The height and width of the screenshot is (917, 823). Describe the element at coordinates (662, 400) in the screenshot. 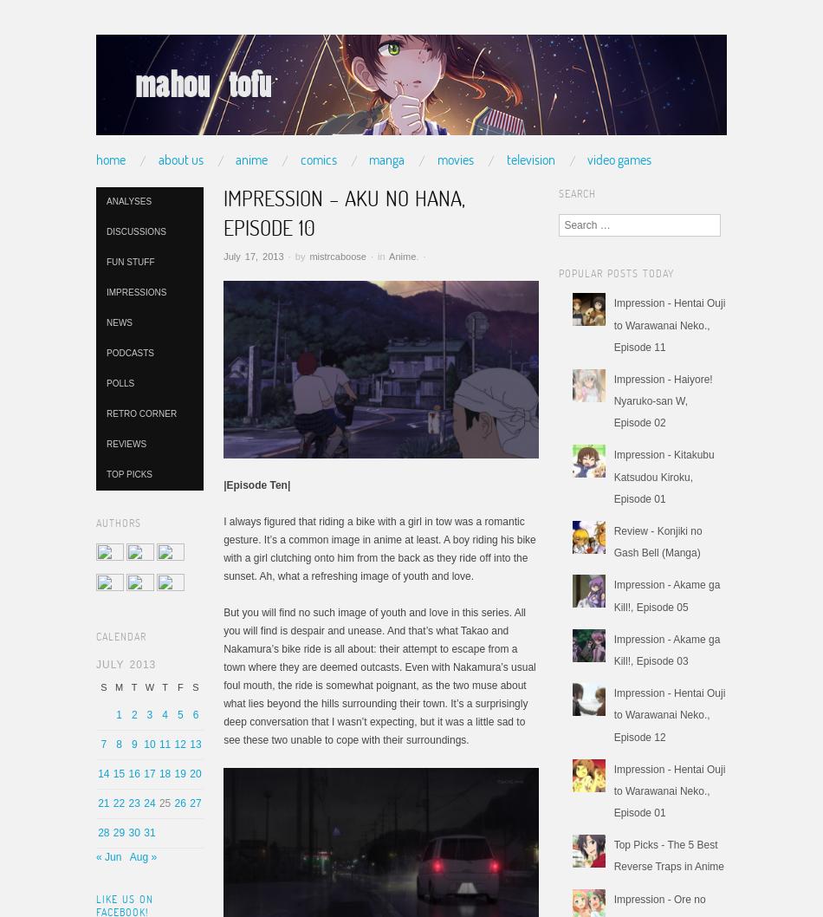

I see `'Impression - Haiyore! Nyaruko-san W, Episode 02'` at that location.